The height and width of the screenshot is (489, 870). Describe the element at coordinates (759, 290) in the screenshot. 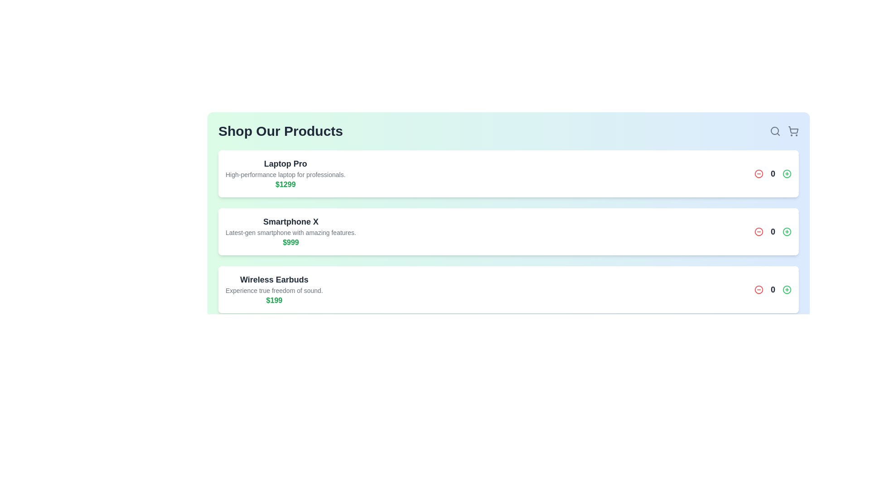

I see `the minus button for the product with title Wireless Earbuds` at that location.